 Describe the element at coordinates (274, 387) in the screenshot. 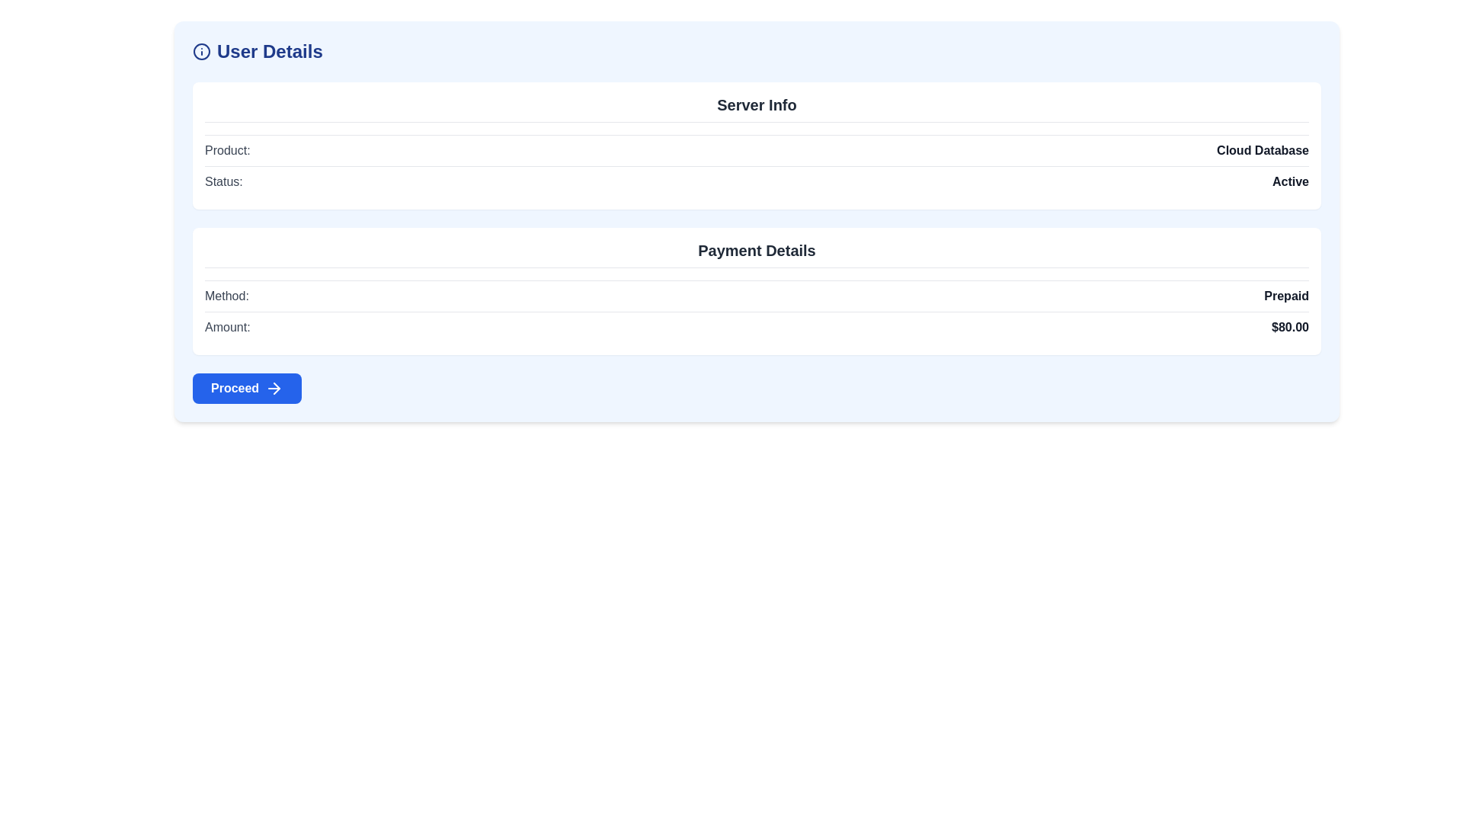

I see `the graphical arrow icon pointing towards the right, which is located inside the blue button labeled 'Proceed' at the bottom left of the interface` at that location.